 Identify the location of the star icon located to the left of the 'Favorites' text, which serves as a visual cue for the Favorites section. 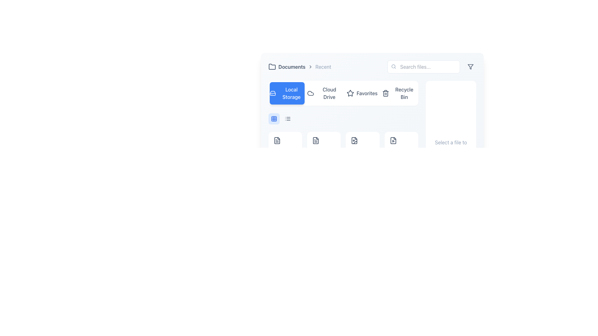
(350, 93).